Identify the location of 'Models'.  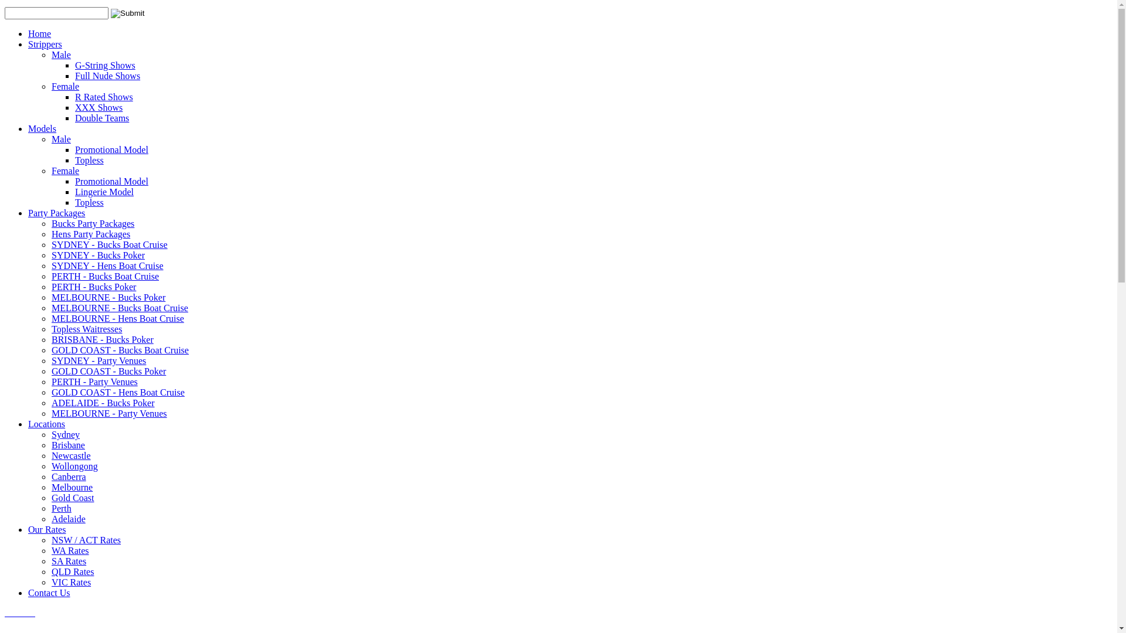
(42, 128).